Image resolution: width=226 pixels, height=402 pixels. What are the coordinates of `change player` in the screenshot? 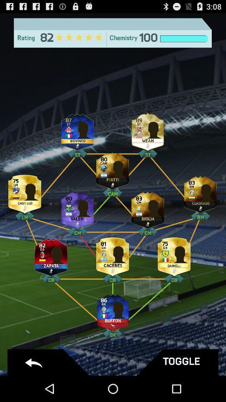 It's located at (147, 130).